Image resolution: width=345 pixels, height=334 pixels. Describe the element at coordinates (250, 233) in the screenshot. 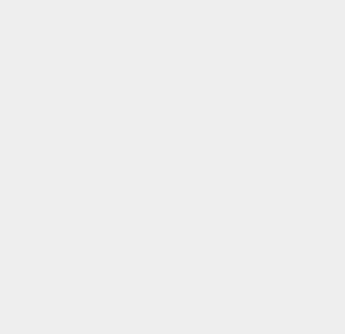

I see `'iOS 17'` at that location.